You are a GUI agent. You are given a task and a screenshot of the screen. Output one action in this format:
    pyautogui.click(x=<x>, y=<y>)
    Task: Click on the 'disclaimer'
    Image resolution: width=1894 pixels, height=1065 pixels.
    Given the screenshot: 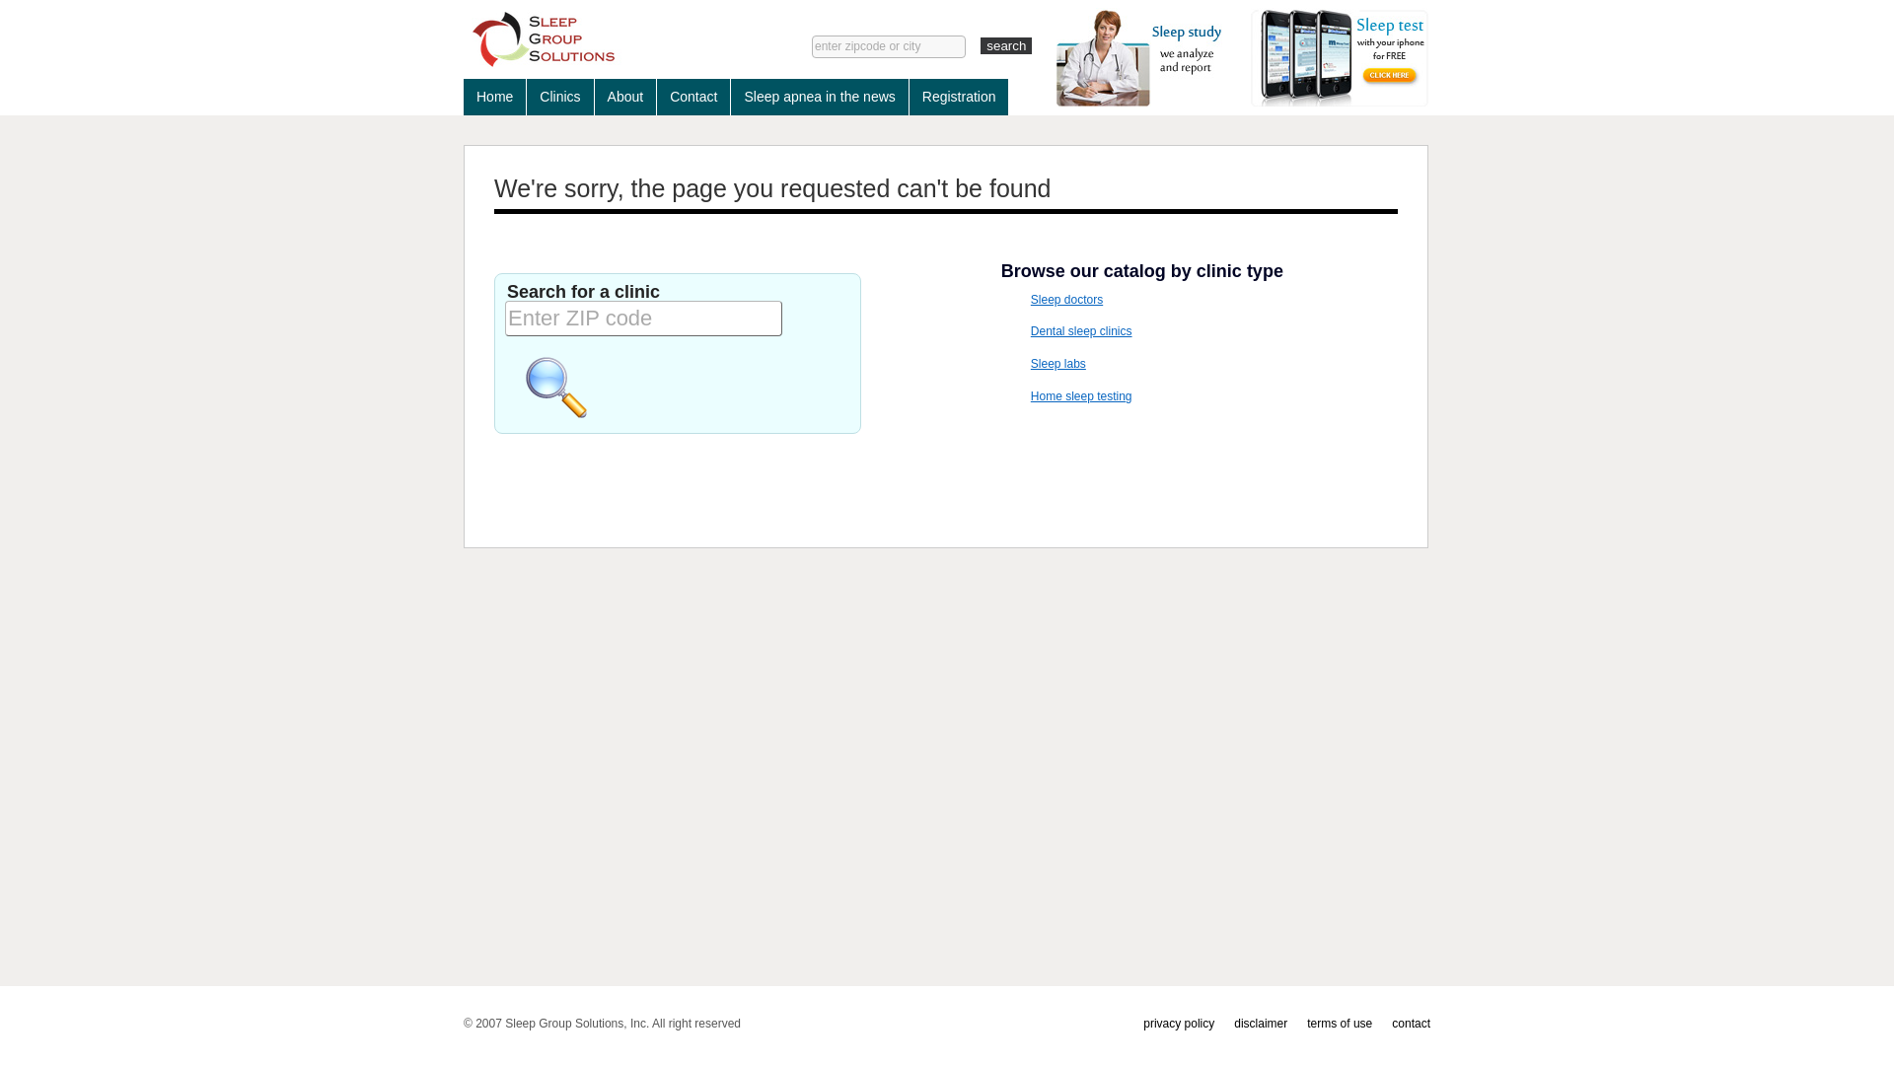 What is the action you would take?
    pyautogui.click(x=1259, y=1022)
    